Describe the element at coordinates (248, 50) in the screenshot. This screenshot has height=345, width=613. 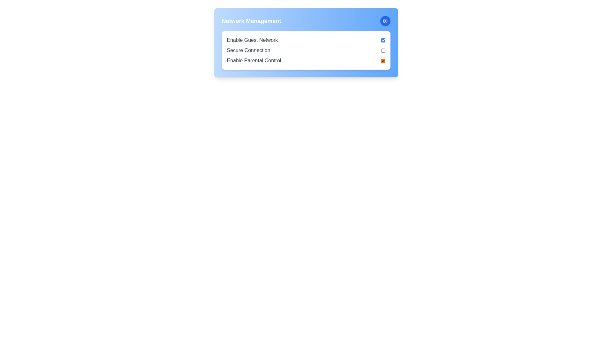
I see `the 'Secure Connection' text label, which is displayed in gray font and is the second item under the 'Network Management' header, adjacent to a checkbox` at that location.